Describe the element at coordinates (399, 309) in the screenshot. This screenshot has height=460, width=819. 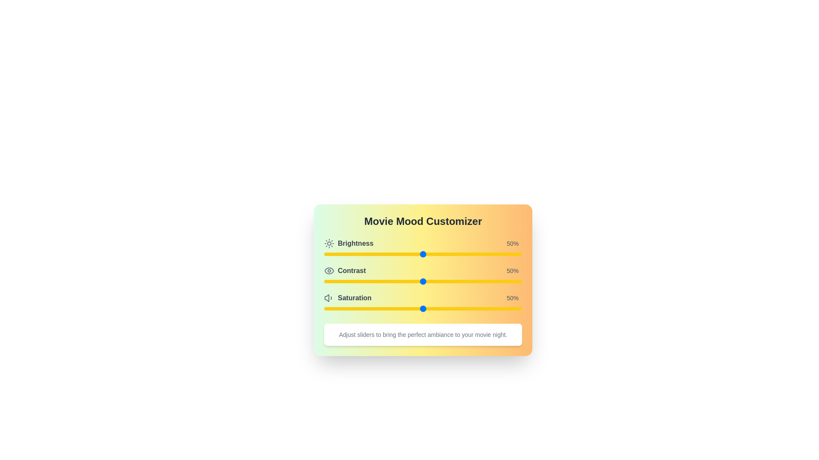
I see `the saturation level` at that location.